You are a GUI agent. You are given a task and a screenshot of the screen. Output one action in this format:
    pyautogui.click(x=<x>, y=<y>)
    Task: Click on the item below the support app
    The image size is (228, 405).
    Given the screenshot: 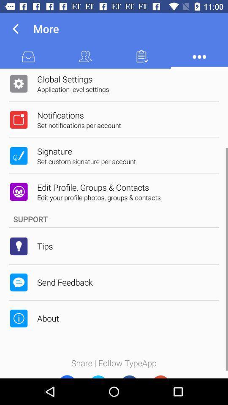 What is the action you would take?
    pyautogui.click(x=45, y=246)
    